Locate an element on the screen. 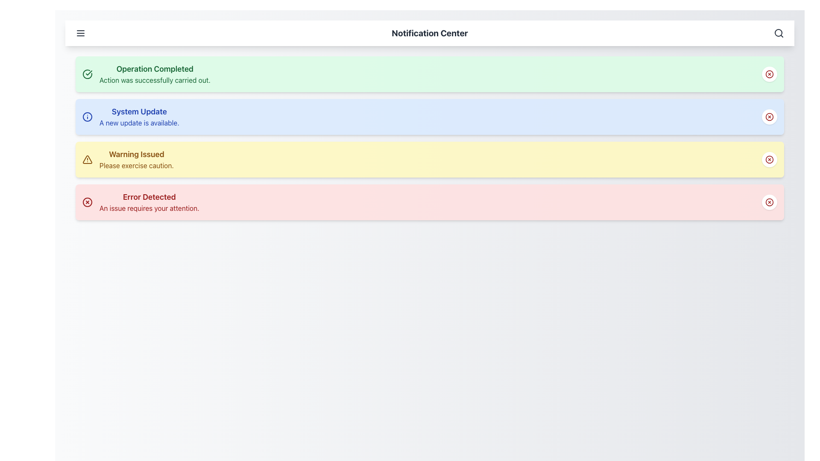  the circular dismiss button with a red 'X' icon located at the far right of the 'Error Detected' notification card is located at coordinates (769, 202).